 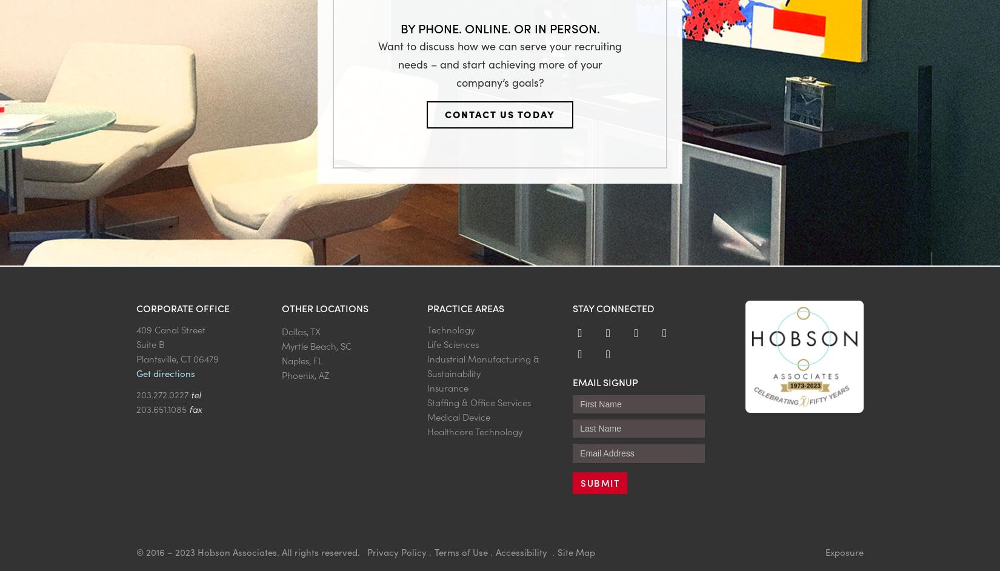 I want to click on 'Dallas, TX', so click(x=300, y=330).